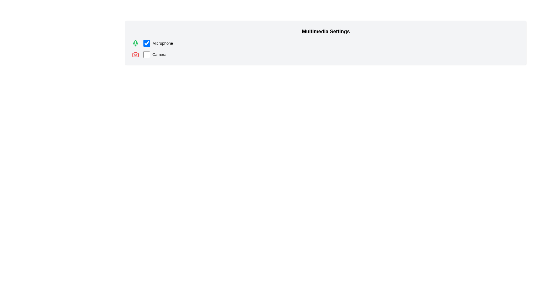  Describe the element at coordinates (159, 54) in the screenshot. I see `the 'Camera' label element` at that location.